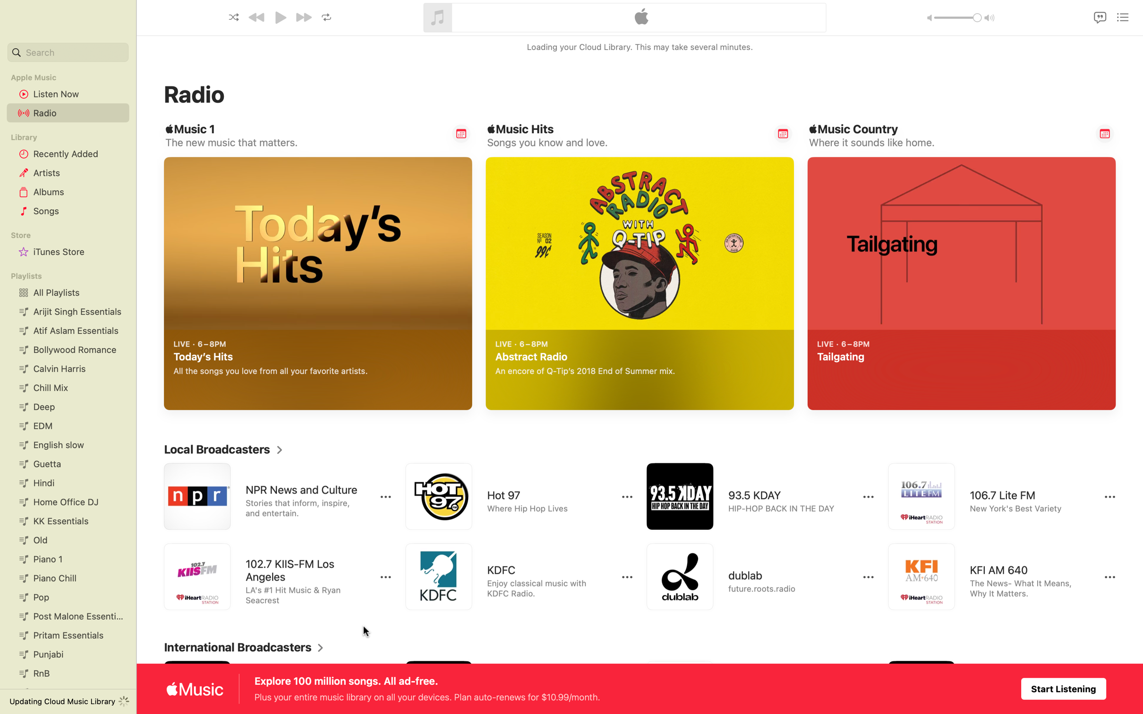 This screenshot has width=1143, height=714. Describe the element at coordinates (993, 578) in the screenshot. I see `Listen to KFI AM` at that location.